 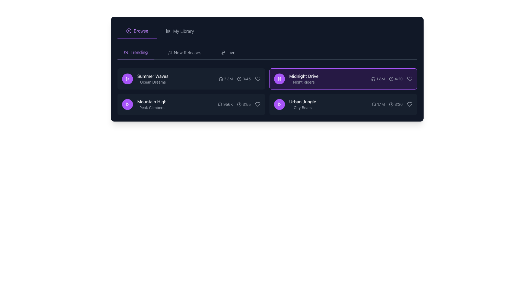 I want to click on the navigation button for 'New Releases' located between 'Trending' and 'Live', so click(x=184, y=52).